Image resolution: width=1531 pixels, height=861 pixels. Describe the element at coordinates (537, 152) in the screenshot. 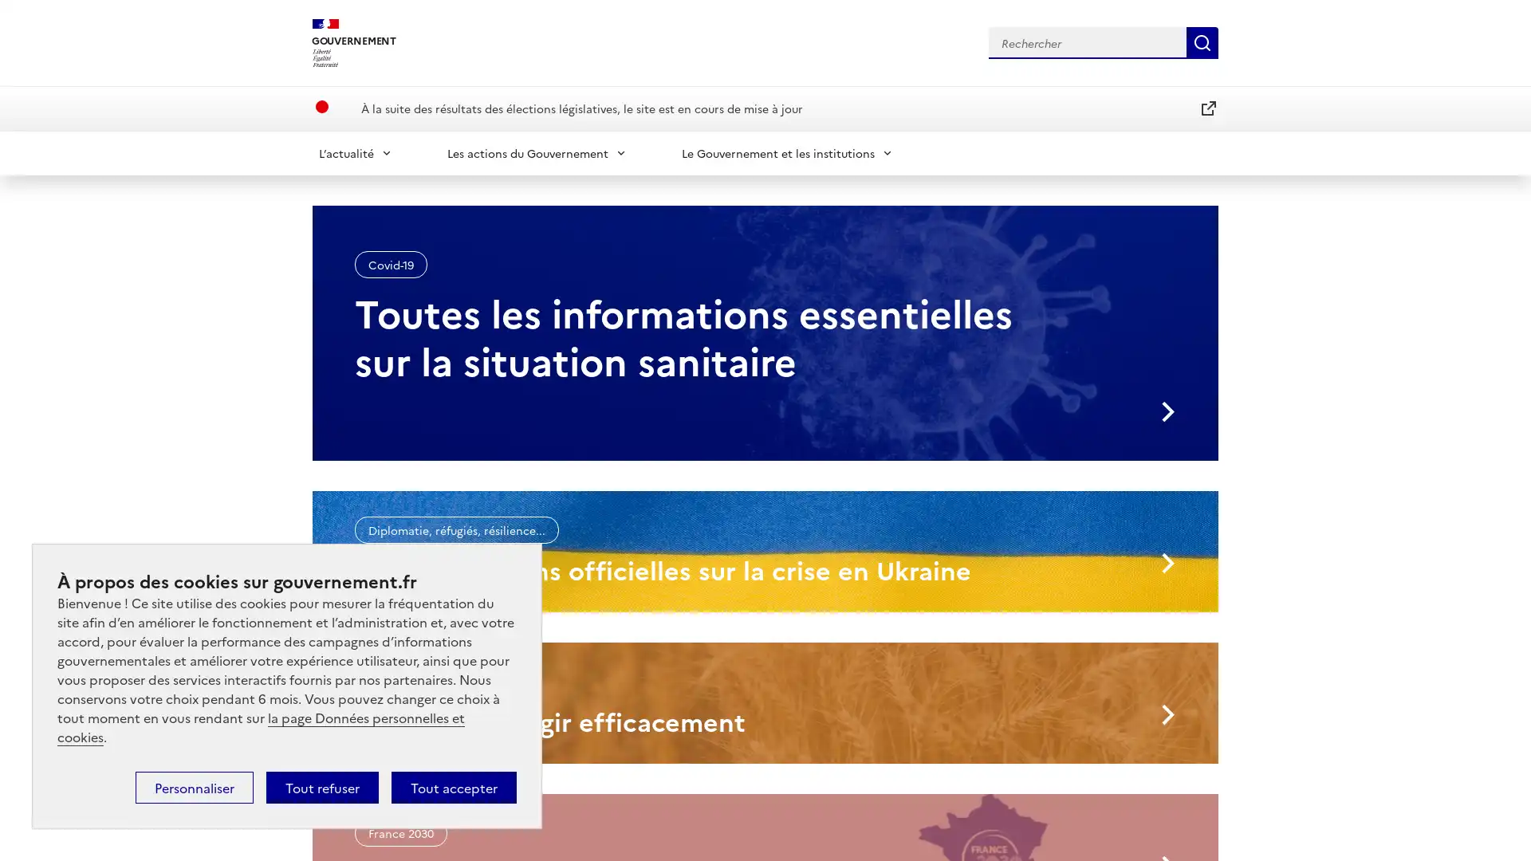

I see `Les actions du Gouvernement` at that location.